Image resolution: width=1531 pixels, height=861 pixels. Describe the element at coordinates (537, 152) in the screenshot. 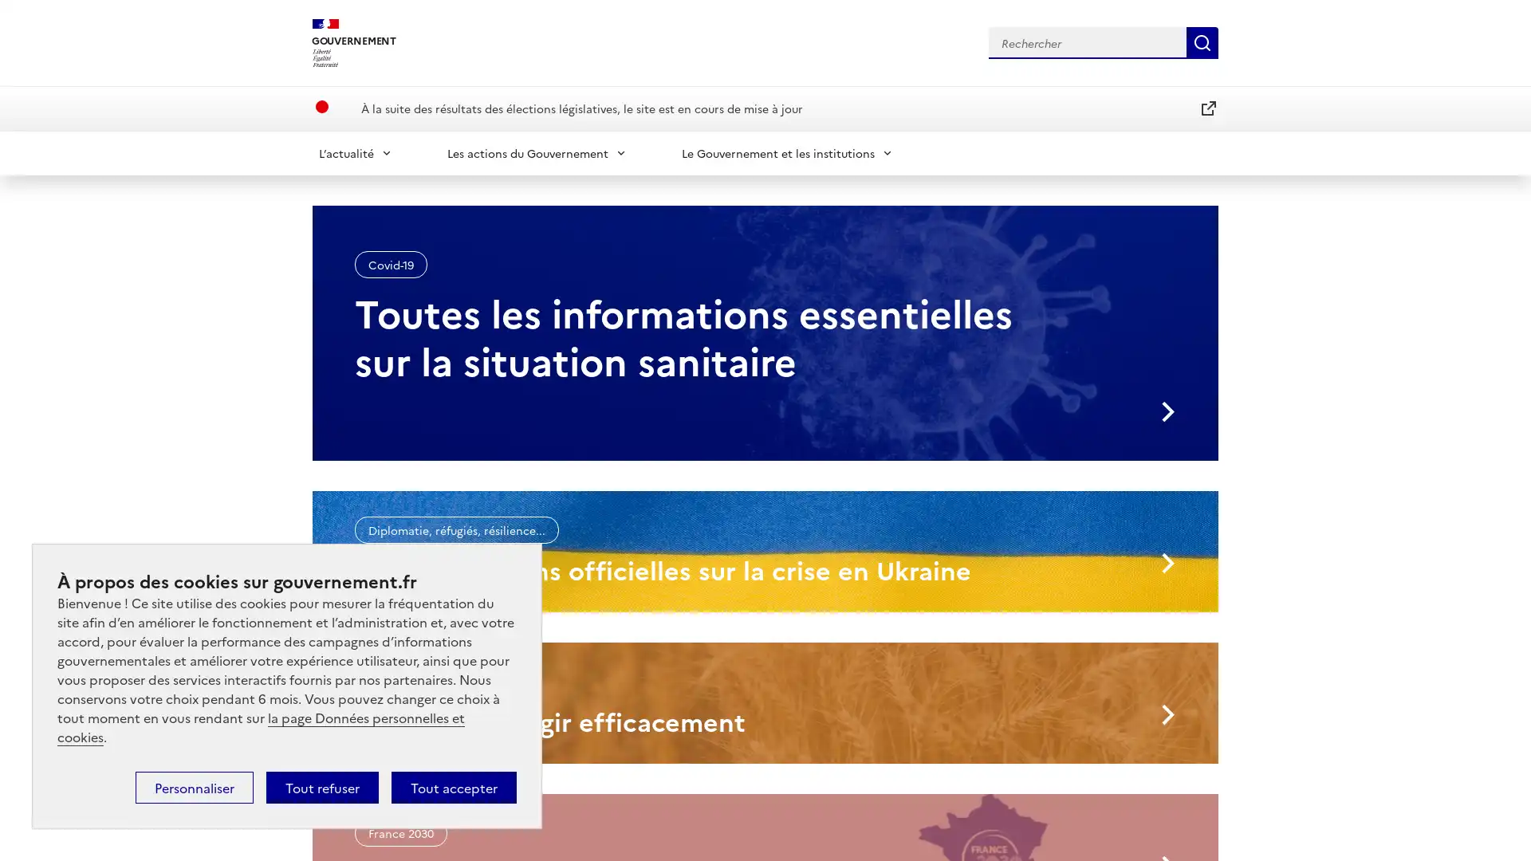

I see `Les actions du Gouvernement` at that location.